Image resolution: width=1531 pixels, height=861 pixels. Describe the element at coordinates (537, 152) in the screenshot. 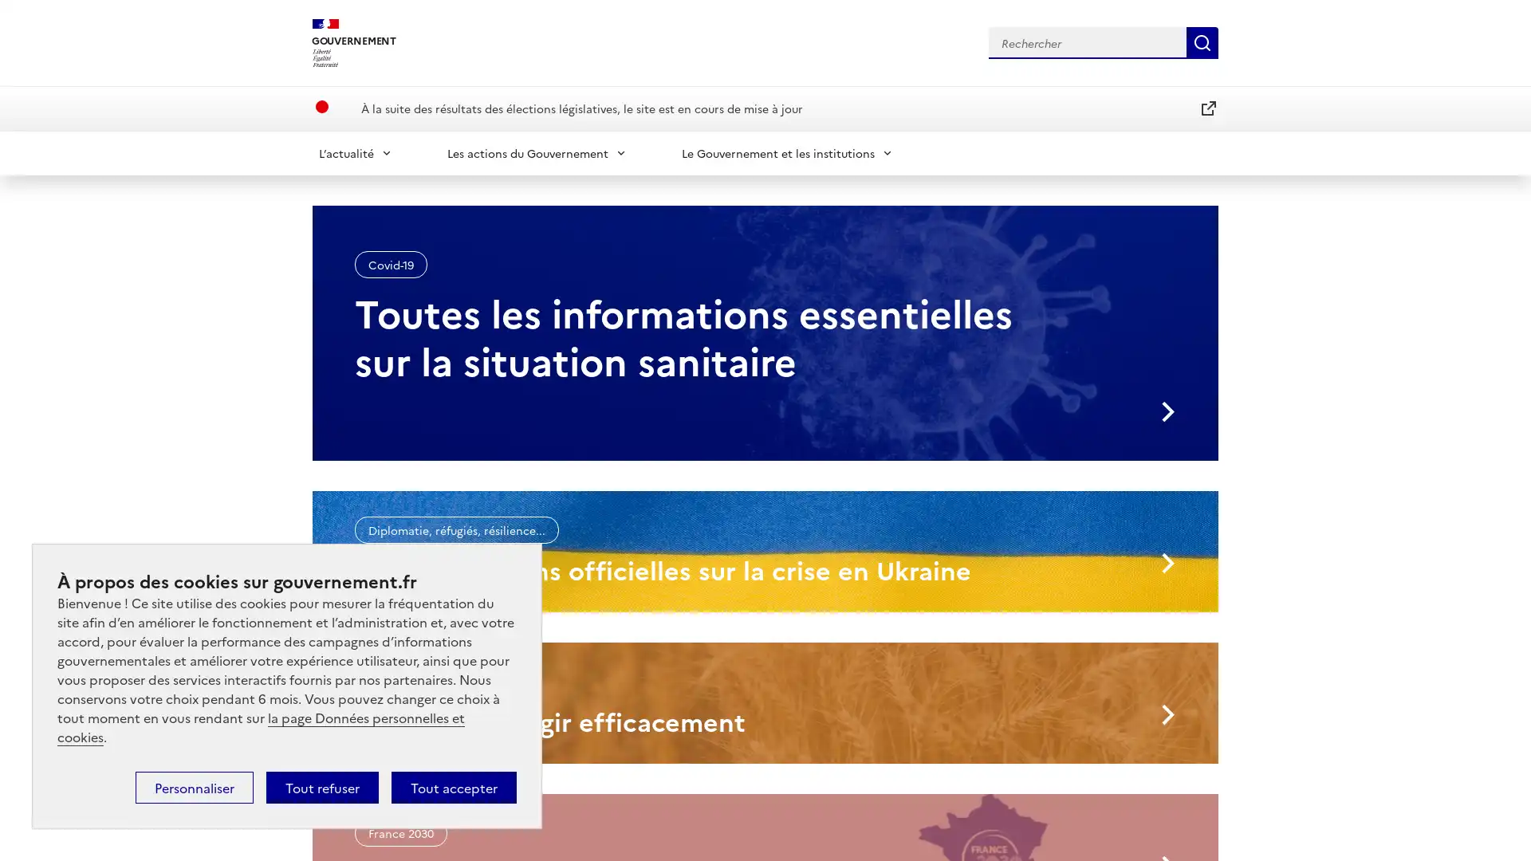

I see `Les actions du Gouvernement` at that location.